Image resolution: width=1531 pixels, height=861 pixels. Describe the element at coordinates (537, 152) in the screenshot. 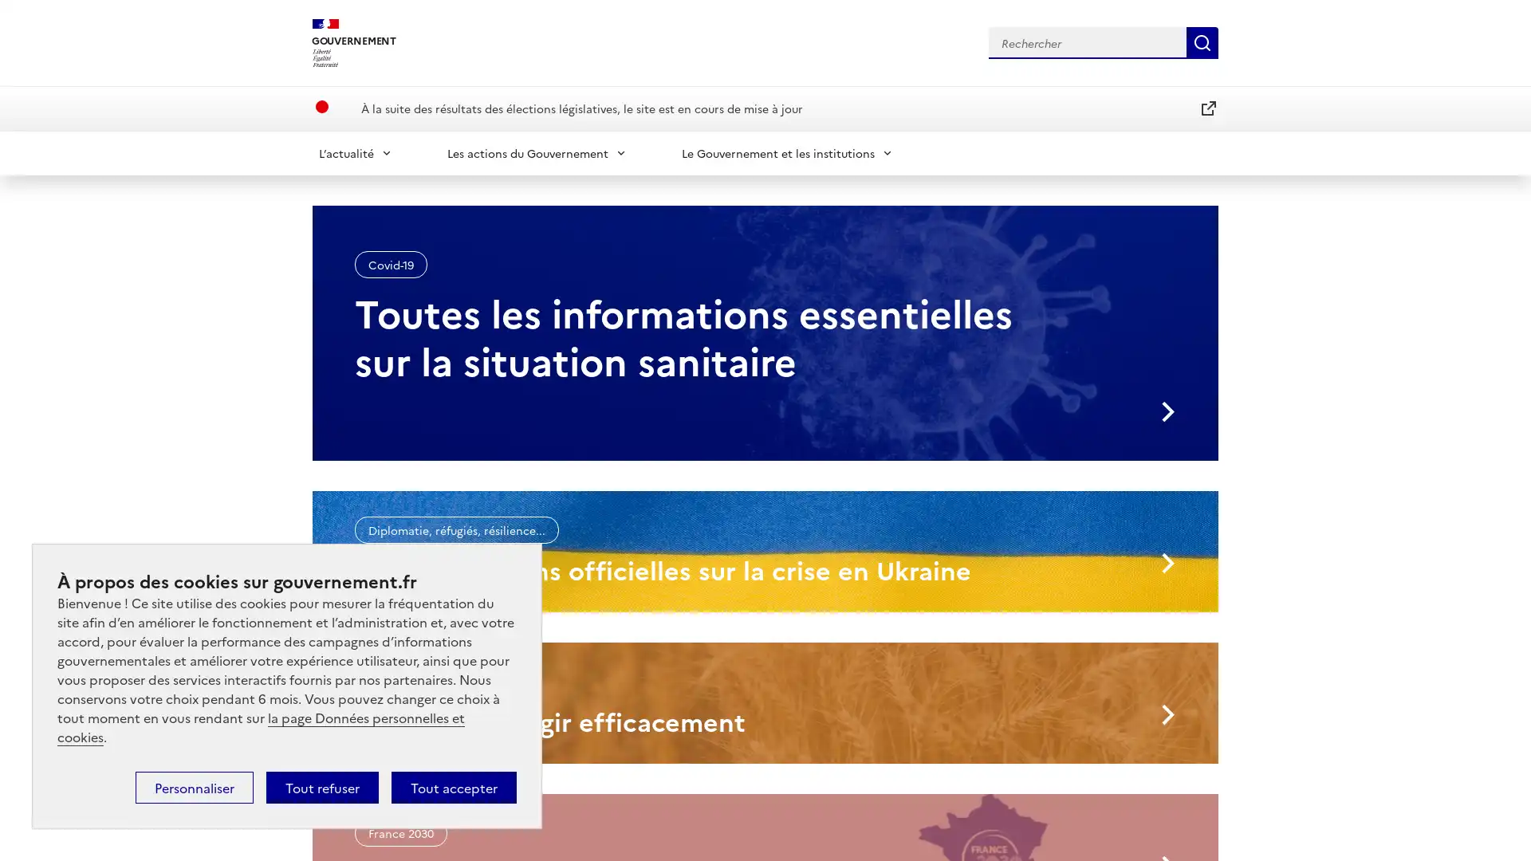

I see `Les actions du Gouvernement` at that location.